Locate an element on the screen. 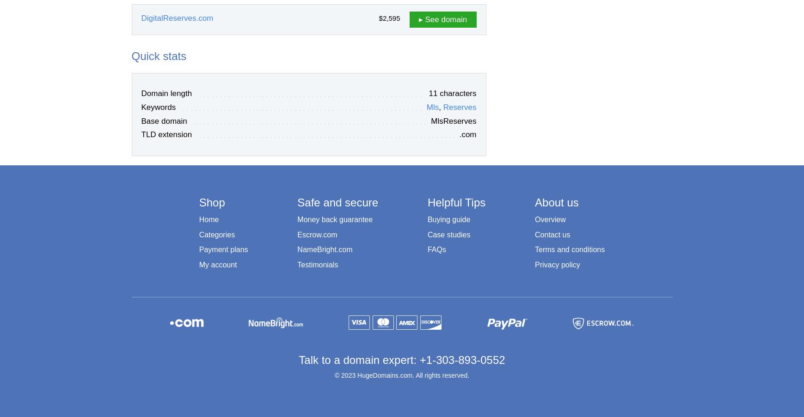  'Buying guide' is located at coordinates (448, 219).